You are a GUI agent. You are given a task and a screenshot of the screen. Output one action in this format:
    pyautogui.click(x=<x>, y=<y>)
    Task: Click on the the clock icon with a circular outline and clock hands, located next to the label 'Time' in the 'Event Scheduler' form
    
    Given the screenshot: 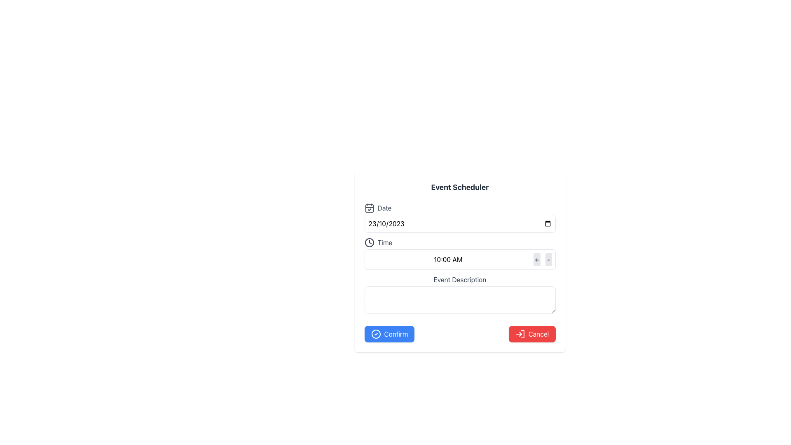 What is the action you would take?
    pyautogui.click(x=369, y=242)
    